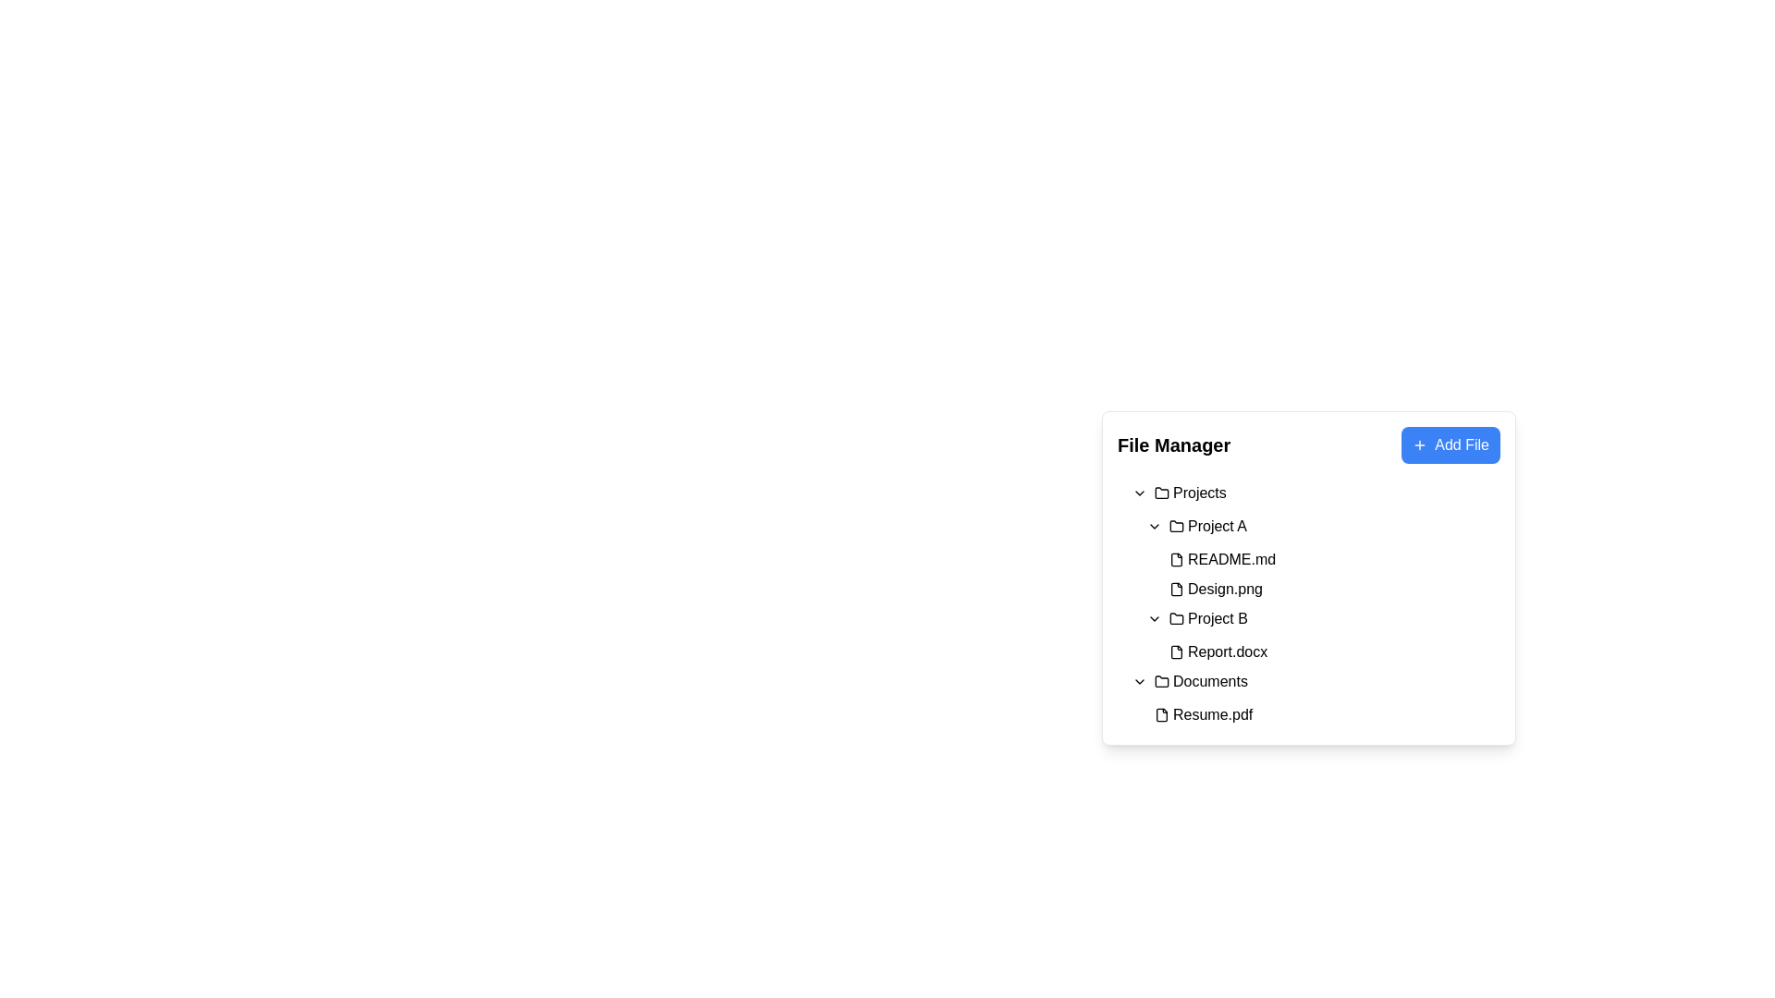 This screenshot has width=1775, height=998. I want to click on the folder icon representing 'Project B', so click(1175, 617).